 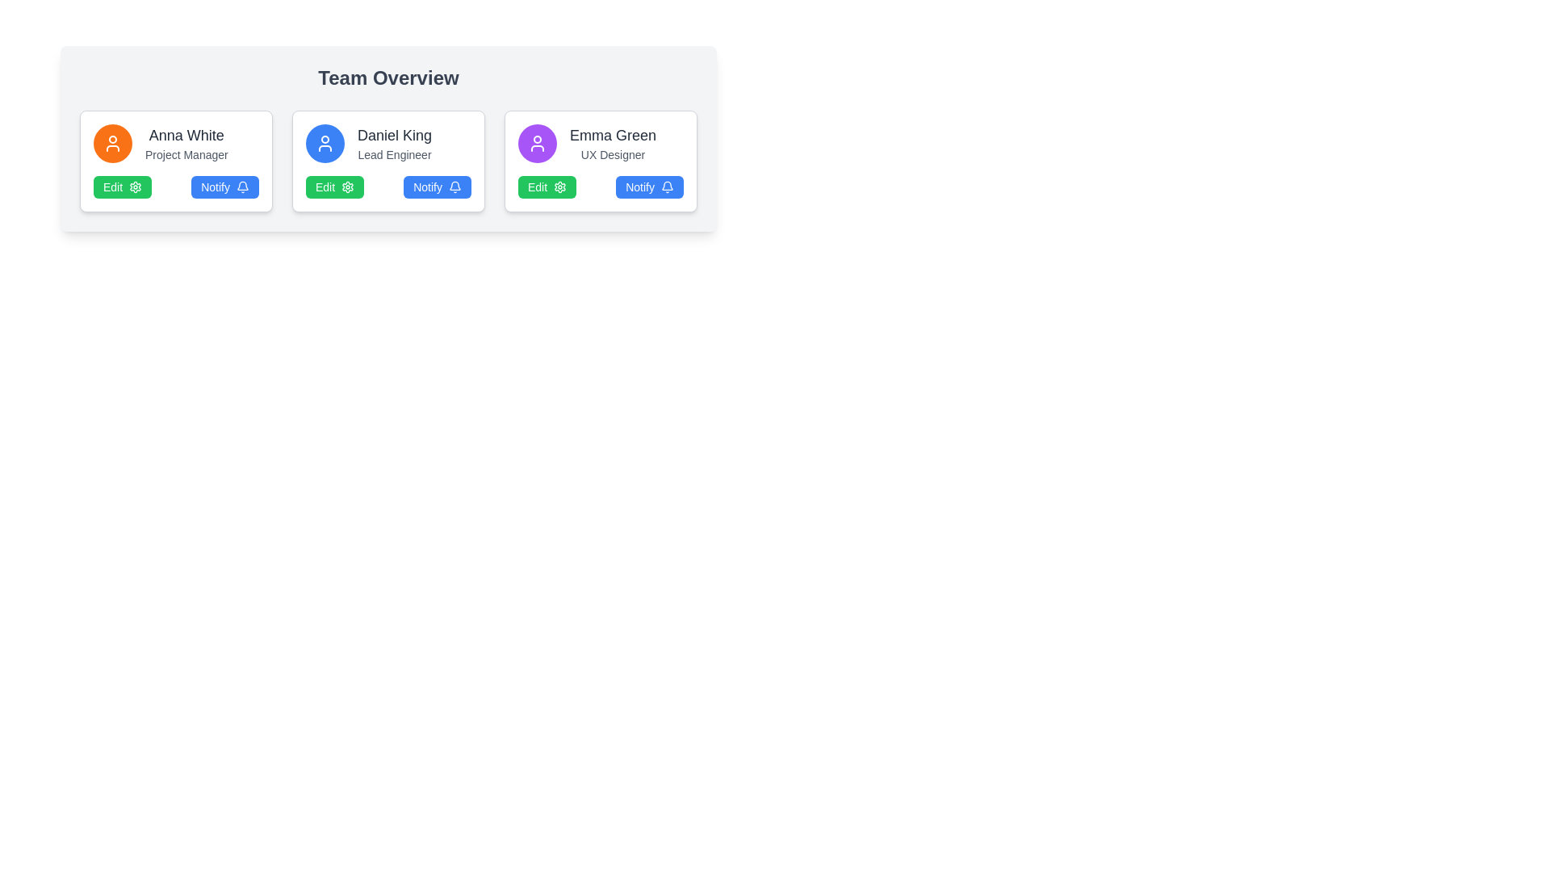 What do you see at coordinates (242, 185) in the screenshot?
I see `the blue notification bell icon located next to the 'Notify' label in the second user card under the 'Team Overview' section` at bounding box center [242, 185].